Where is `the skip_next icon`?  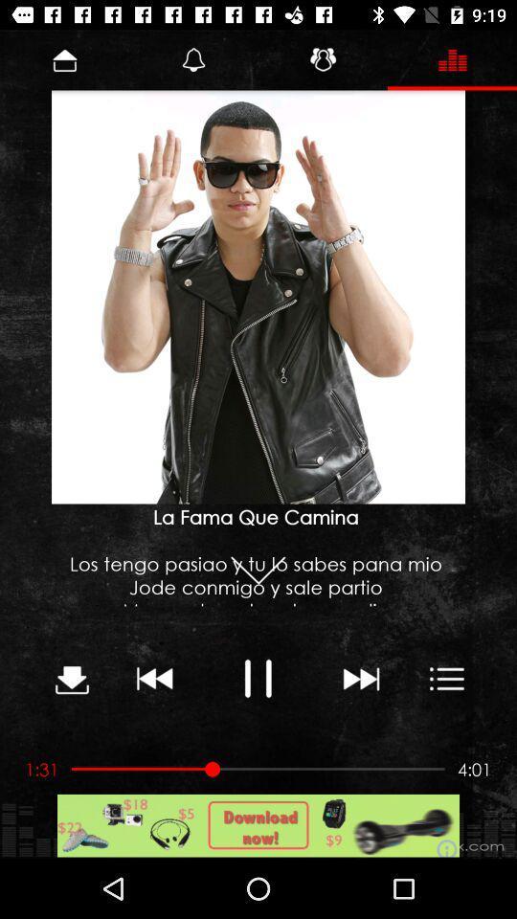 the skip_next icon is located at coordinates (360, 678).